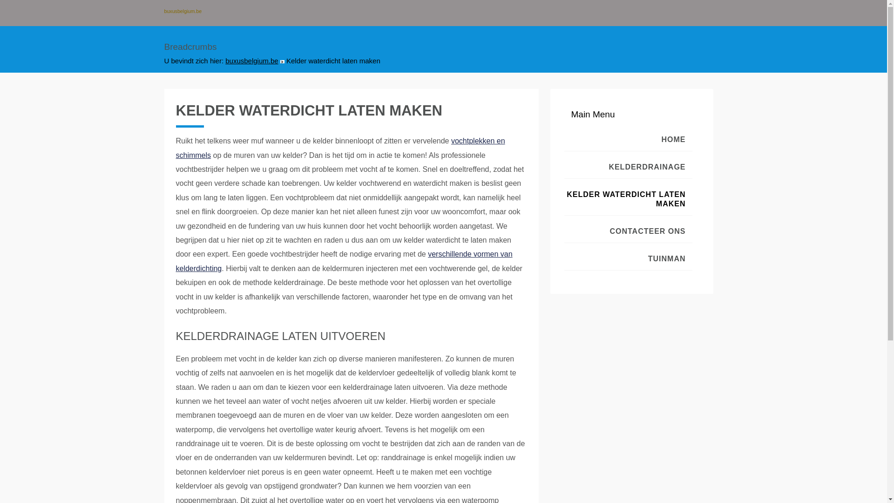  Describe the element at coordinates (628, 167) in the screenshot. I see `'KELDERDRAINAGE'` at that location.